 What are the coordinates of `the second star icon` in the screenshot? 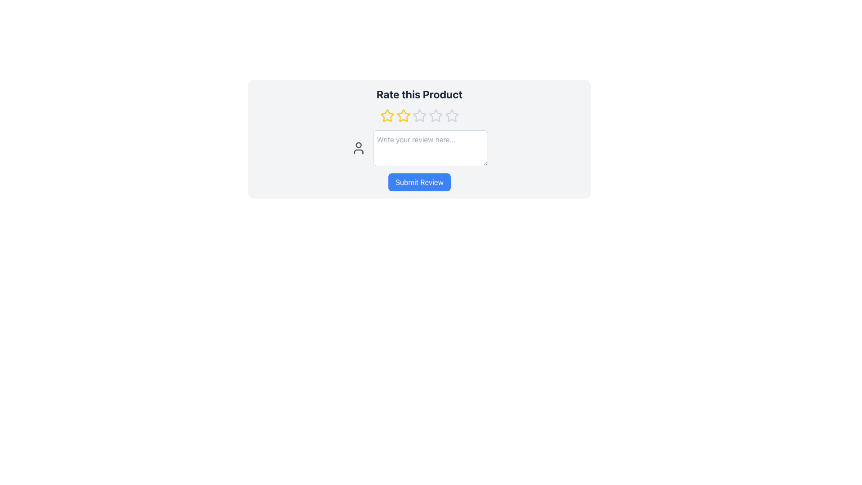 It's located at (403, 115).